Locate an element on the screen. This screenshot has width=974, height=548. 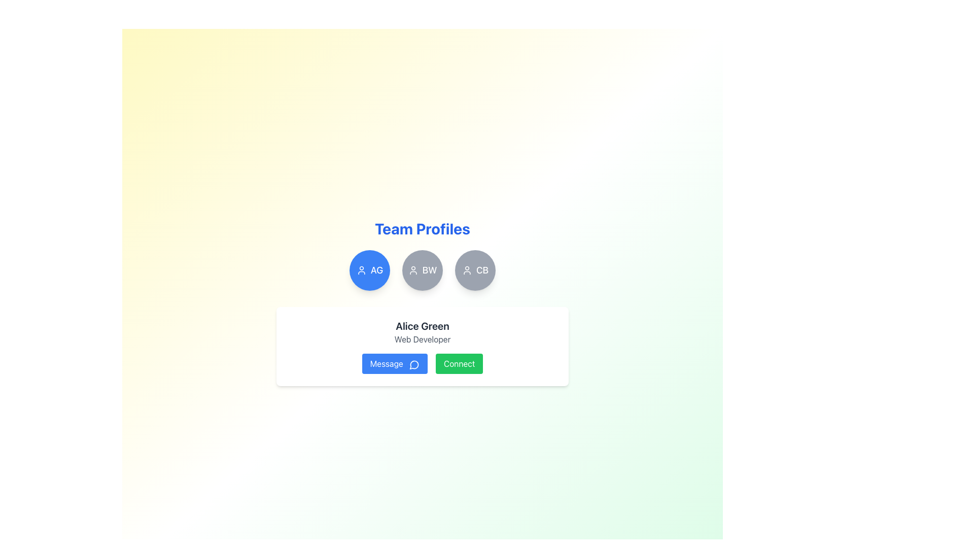
the user avatar icon labeled 'CB' which is the third item from the left in a group of user profile representations under the heading 'Team Profiles' is located at coordinates (466, 269).